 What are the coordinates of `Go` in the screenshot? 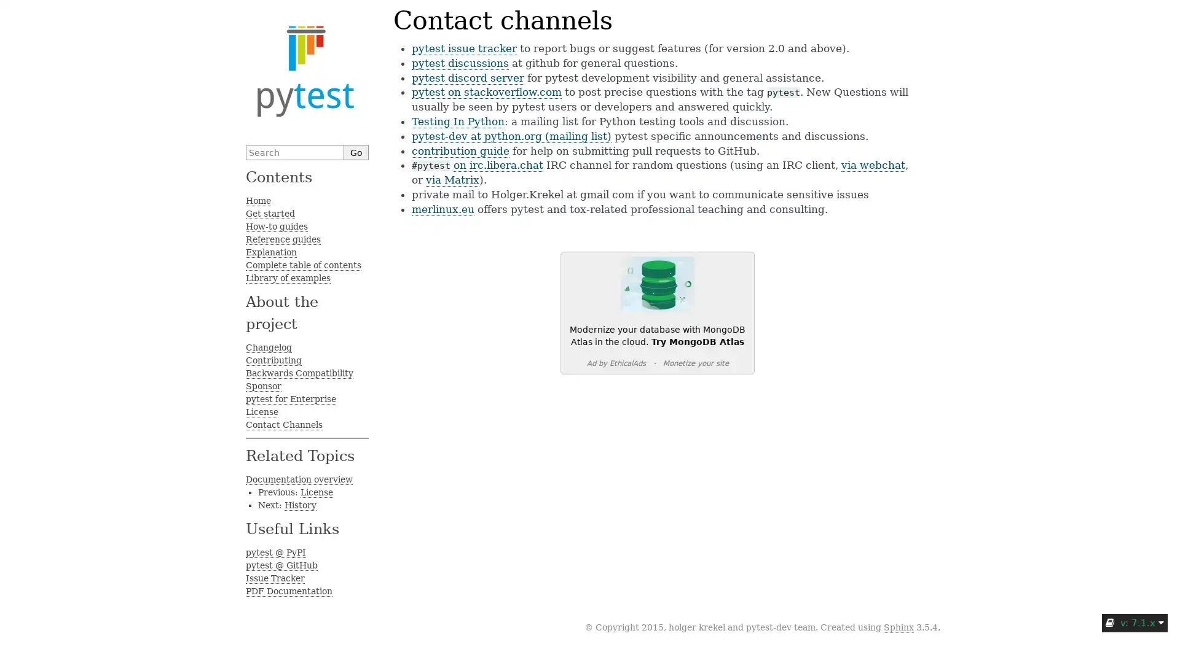 It's located at (356, 152).